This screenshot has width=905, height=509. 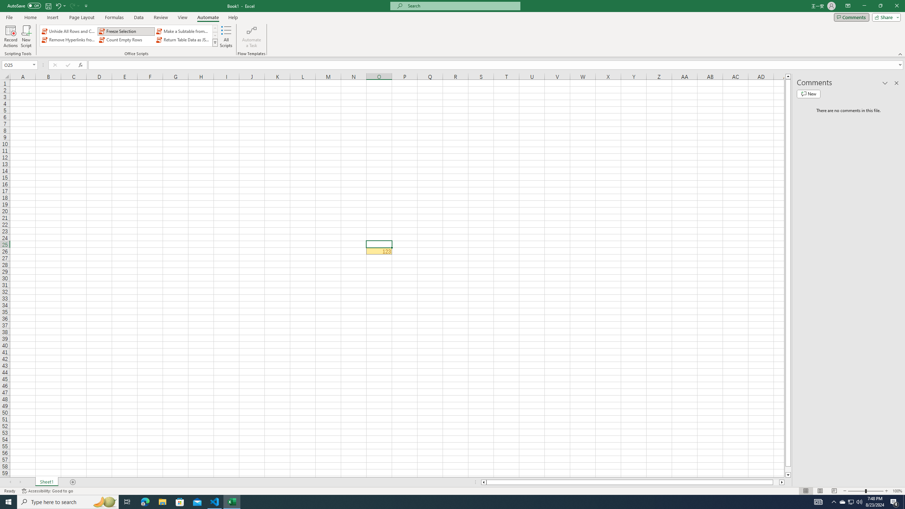 I want to click on 'New Script', so click(x=26, y=36).